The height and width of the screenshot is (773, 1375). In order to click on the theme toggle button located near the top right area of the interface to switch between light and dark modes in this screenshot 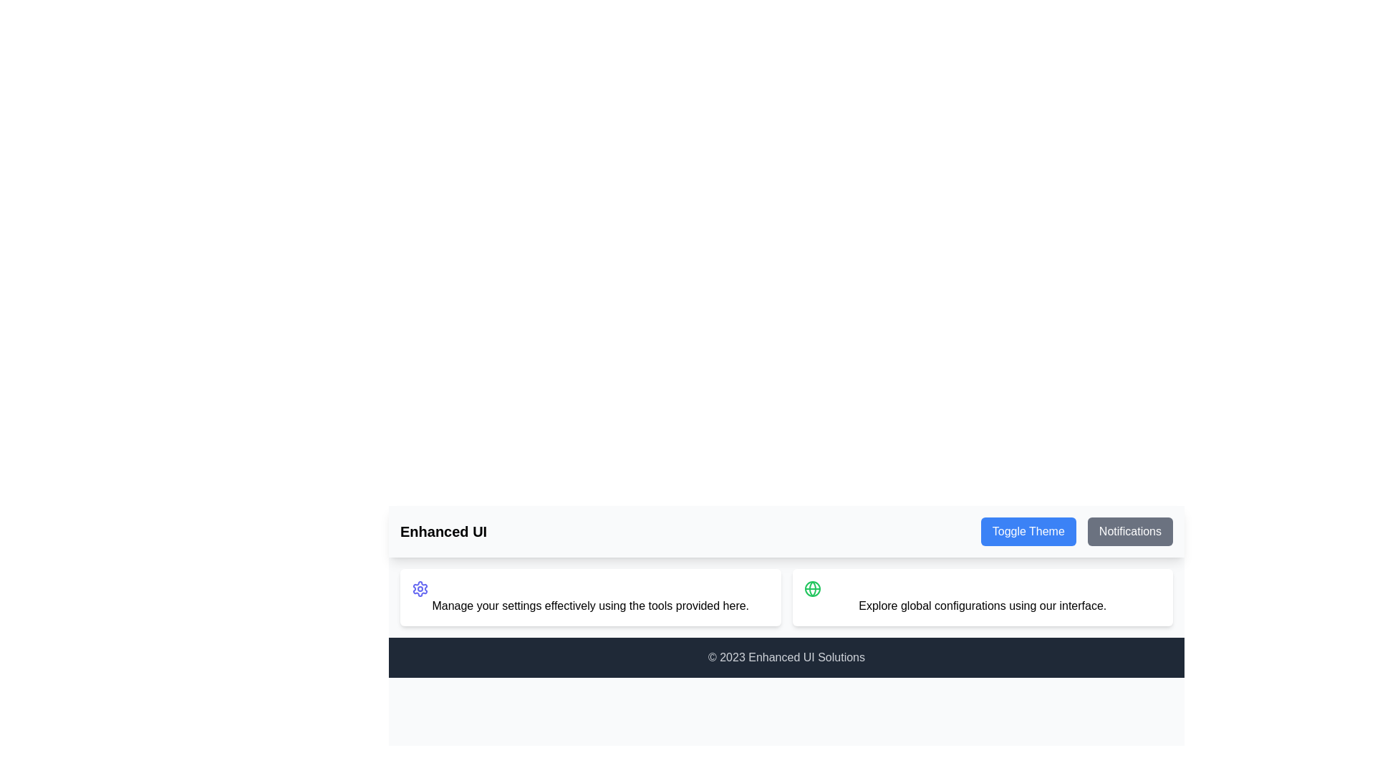, I will do `click(1027, 532)`.